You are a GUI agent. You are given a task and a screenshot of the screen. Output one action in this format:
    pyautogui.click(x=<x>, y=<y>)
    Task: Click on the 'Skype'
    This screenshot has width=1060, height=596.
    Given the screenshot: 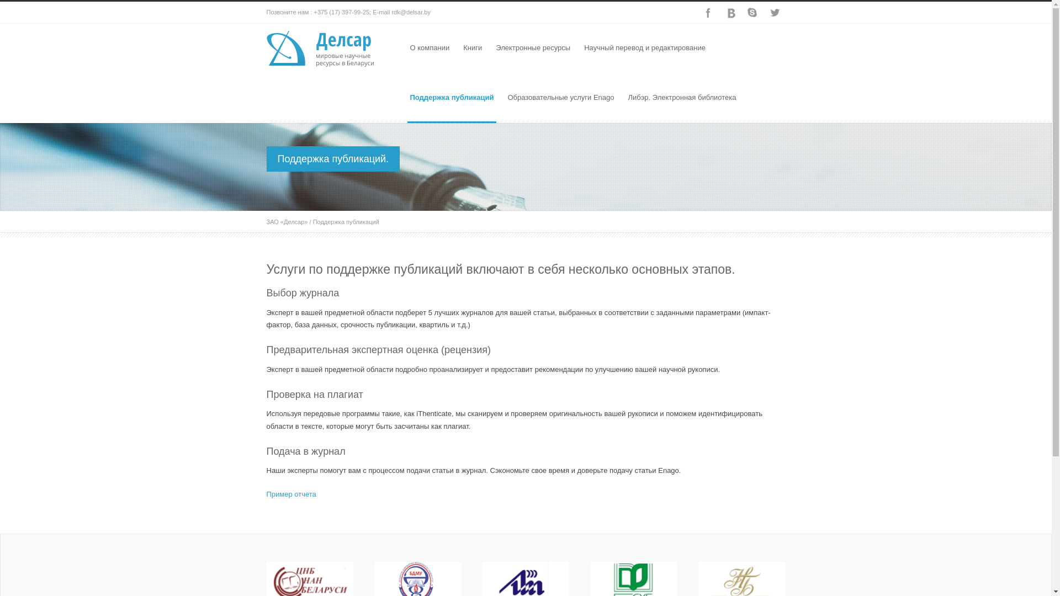 What is the action you would take?
    pyautogui.click(x=751, y=13)
    